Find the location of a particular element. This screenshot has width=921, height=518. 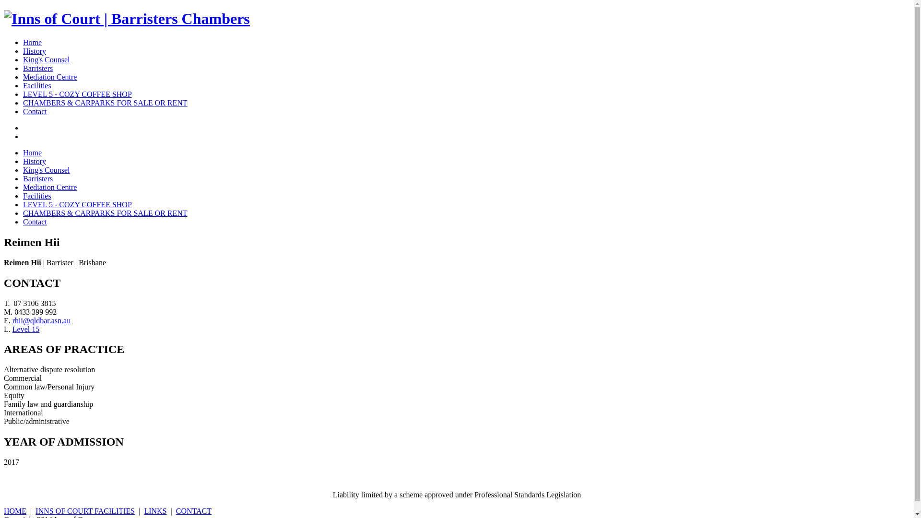

'rhii@qldbar.asn.au' is located at coordinates (41, 320).